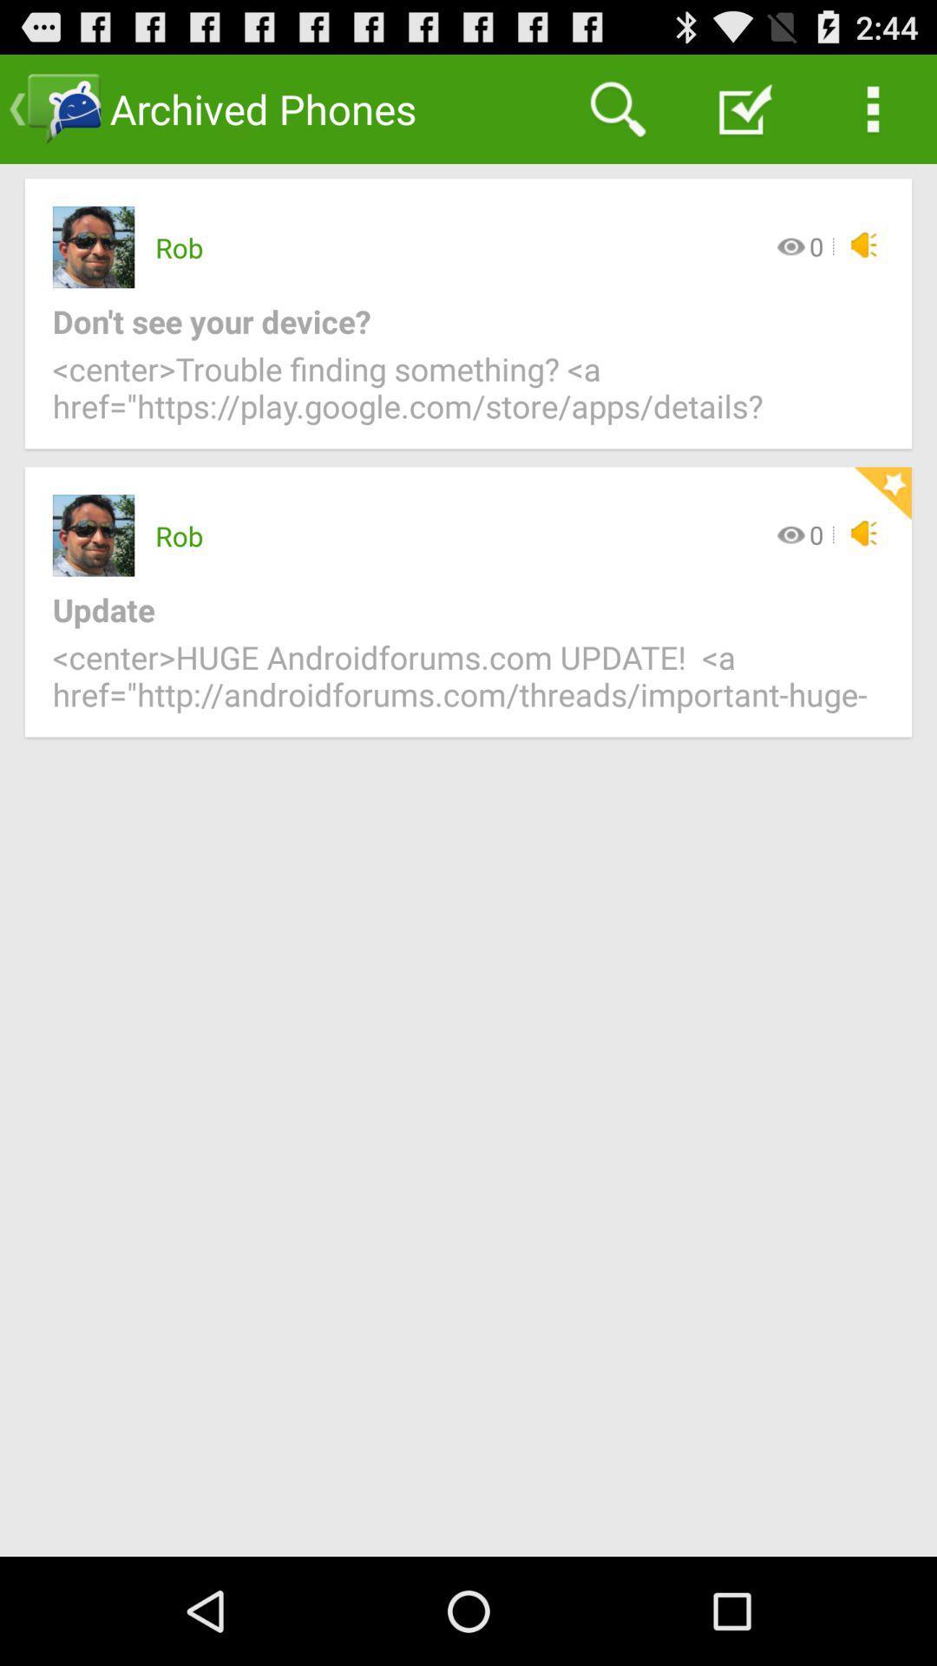  I want to click on item to the right of the archived phones, so click(617, 108).